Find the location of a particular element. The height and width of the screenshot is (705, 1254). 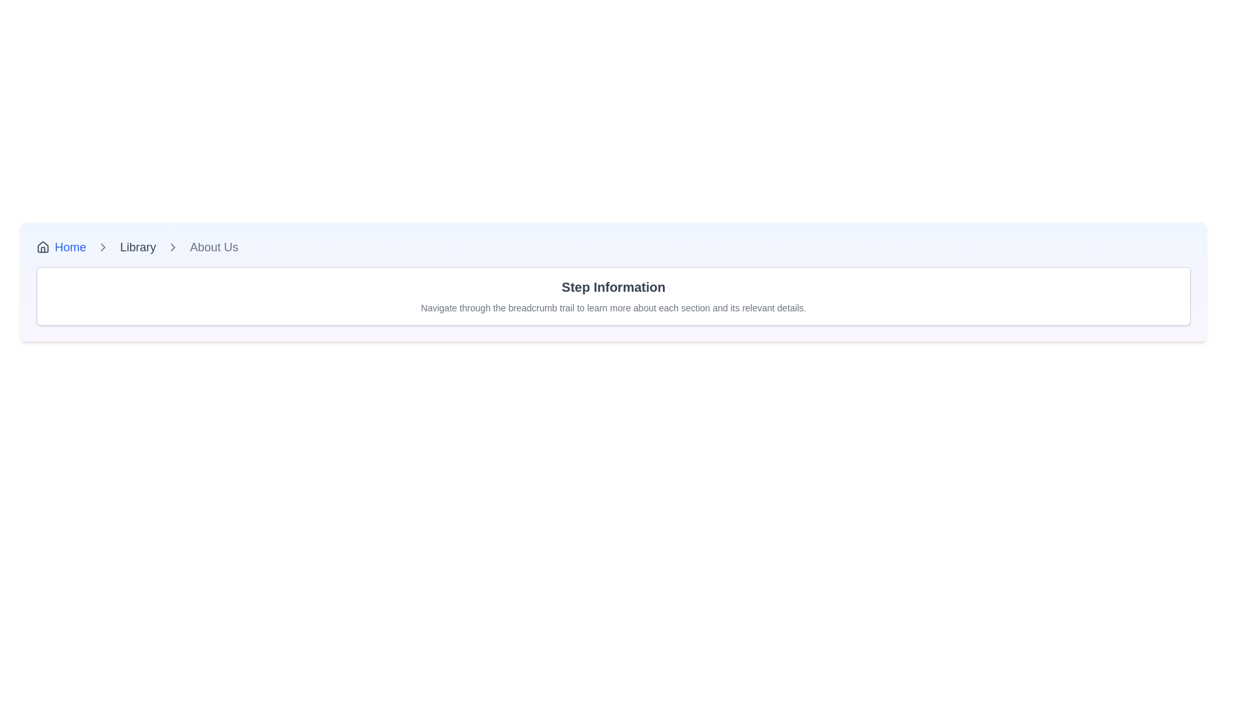

the second chevron arrow icon located in the breadcrumb navigation bar, positioned between 'Home' and 'Library' is located at coordinates (103, 247).